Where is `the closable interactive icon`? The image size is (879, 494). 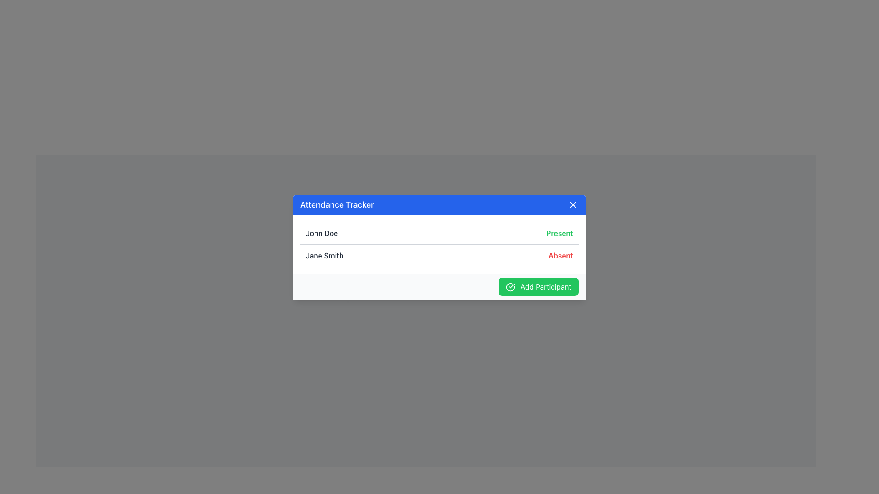
the closable interactive icon is located at coordinates (573, 204).